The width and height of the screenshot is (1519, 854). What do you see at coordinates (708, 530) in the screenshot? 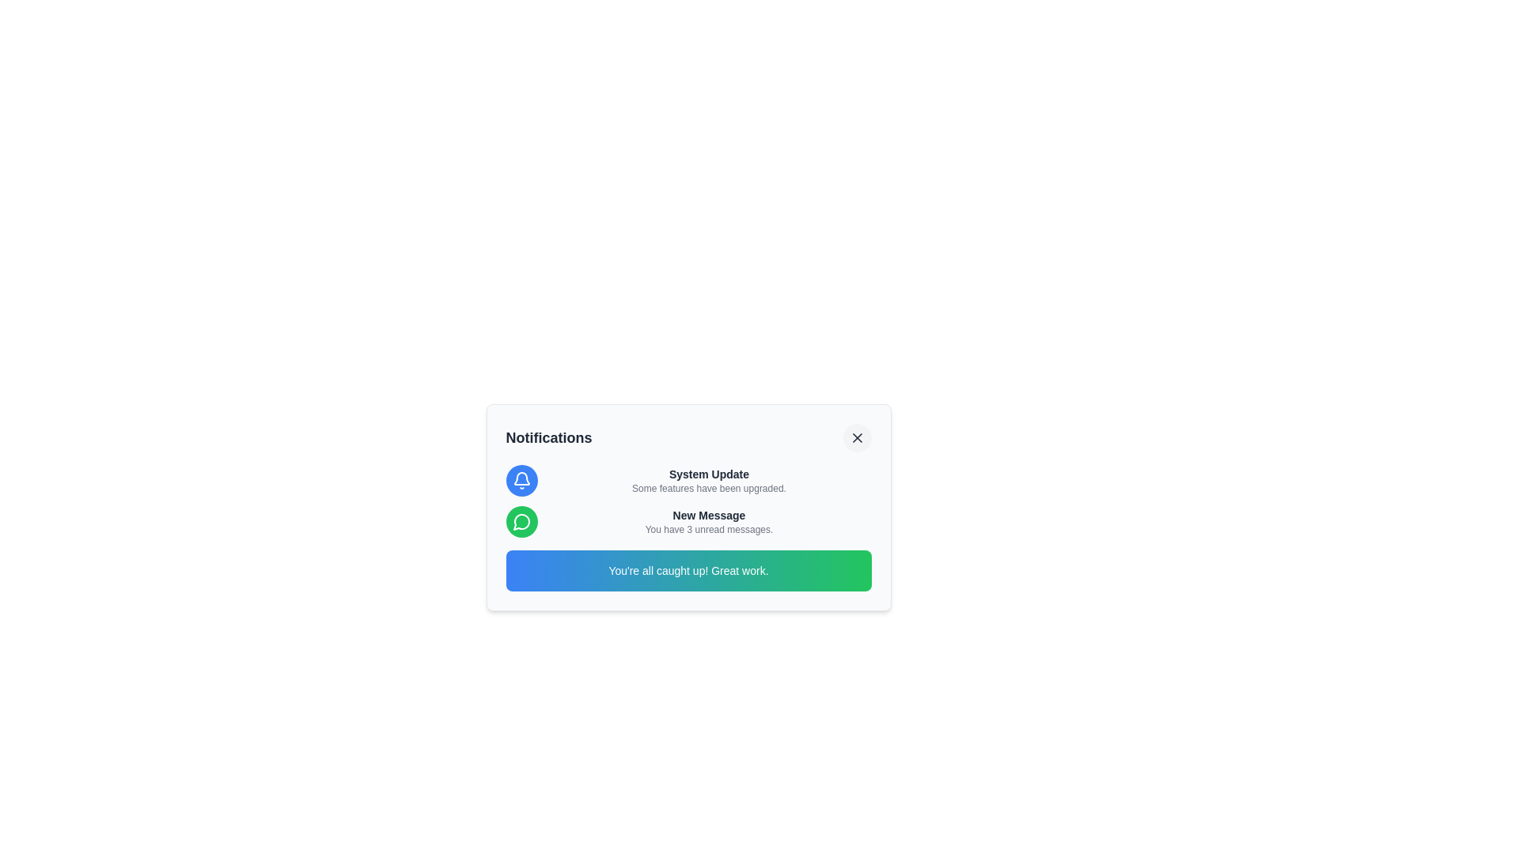
I see `the text element that reads 'You have 3 unread messages.', which is positioned below the bolded heading 'New Message'` at bounding box center [708, 530].